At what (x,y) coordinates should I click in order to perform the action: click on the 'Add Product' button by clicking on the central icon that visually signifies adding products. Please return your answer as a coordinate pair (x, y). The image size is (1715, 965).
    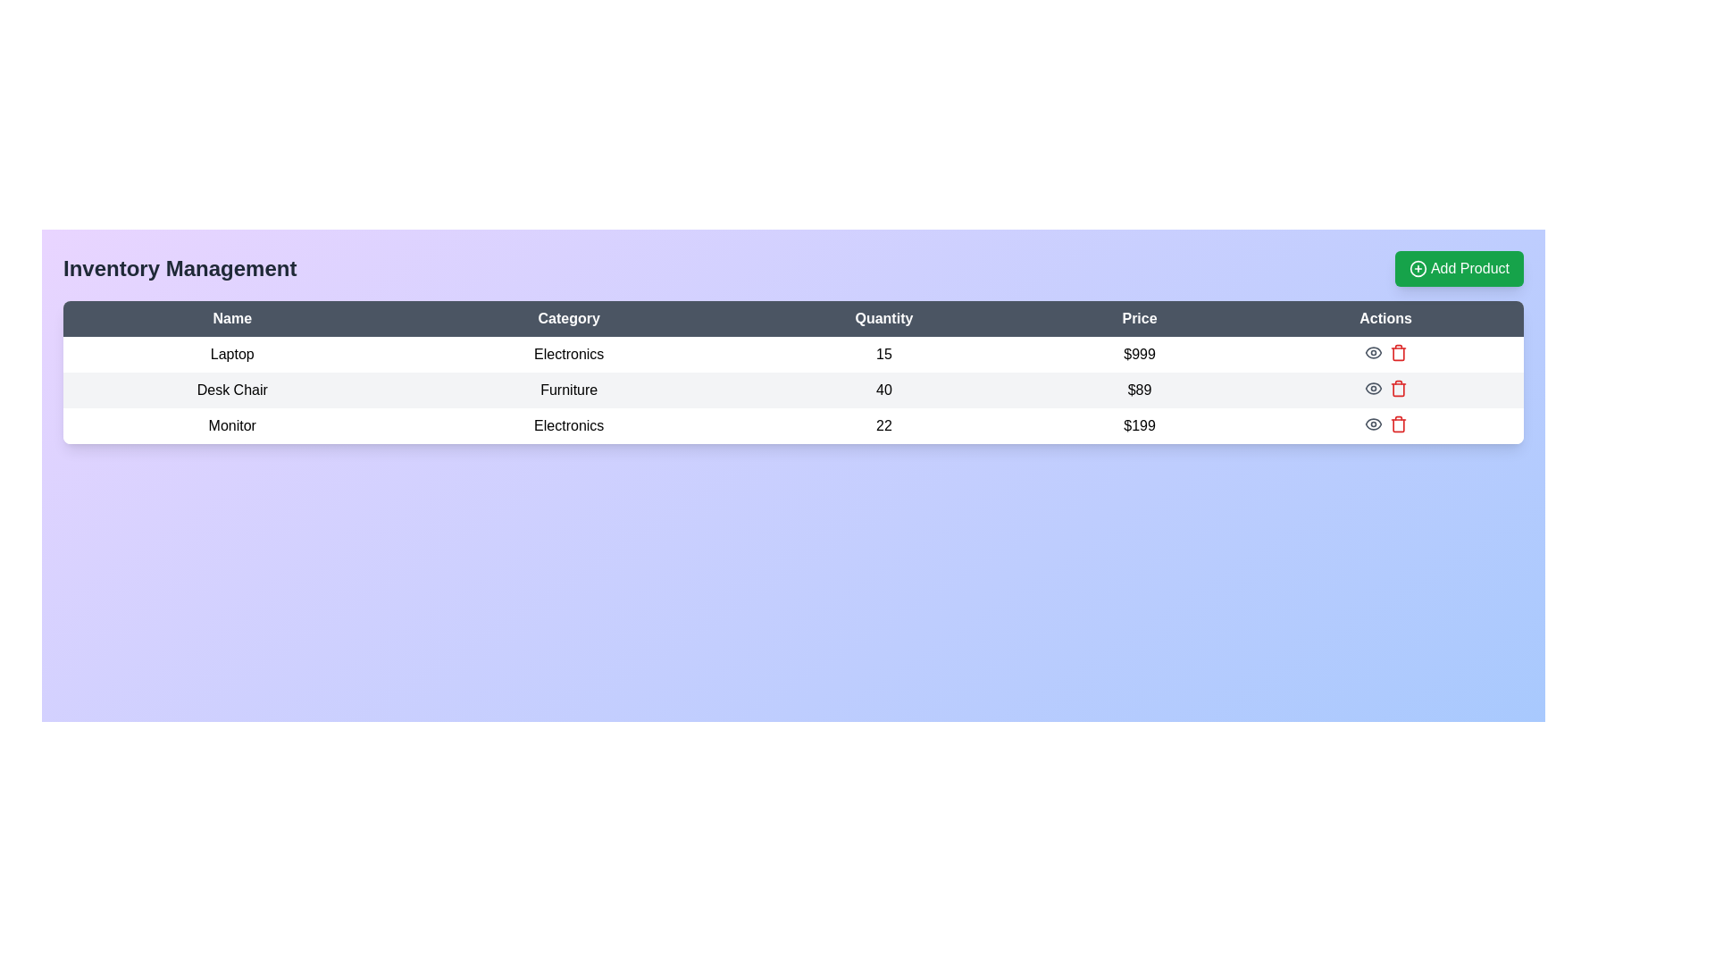
    Looking at the image, I should click on (1418, 268).